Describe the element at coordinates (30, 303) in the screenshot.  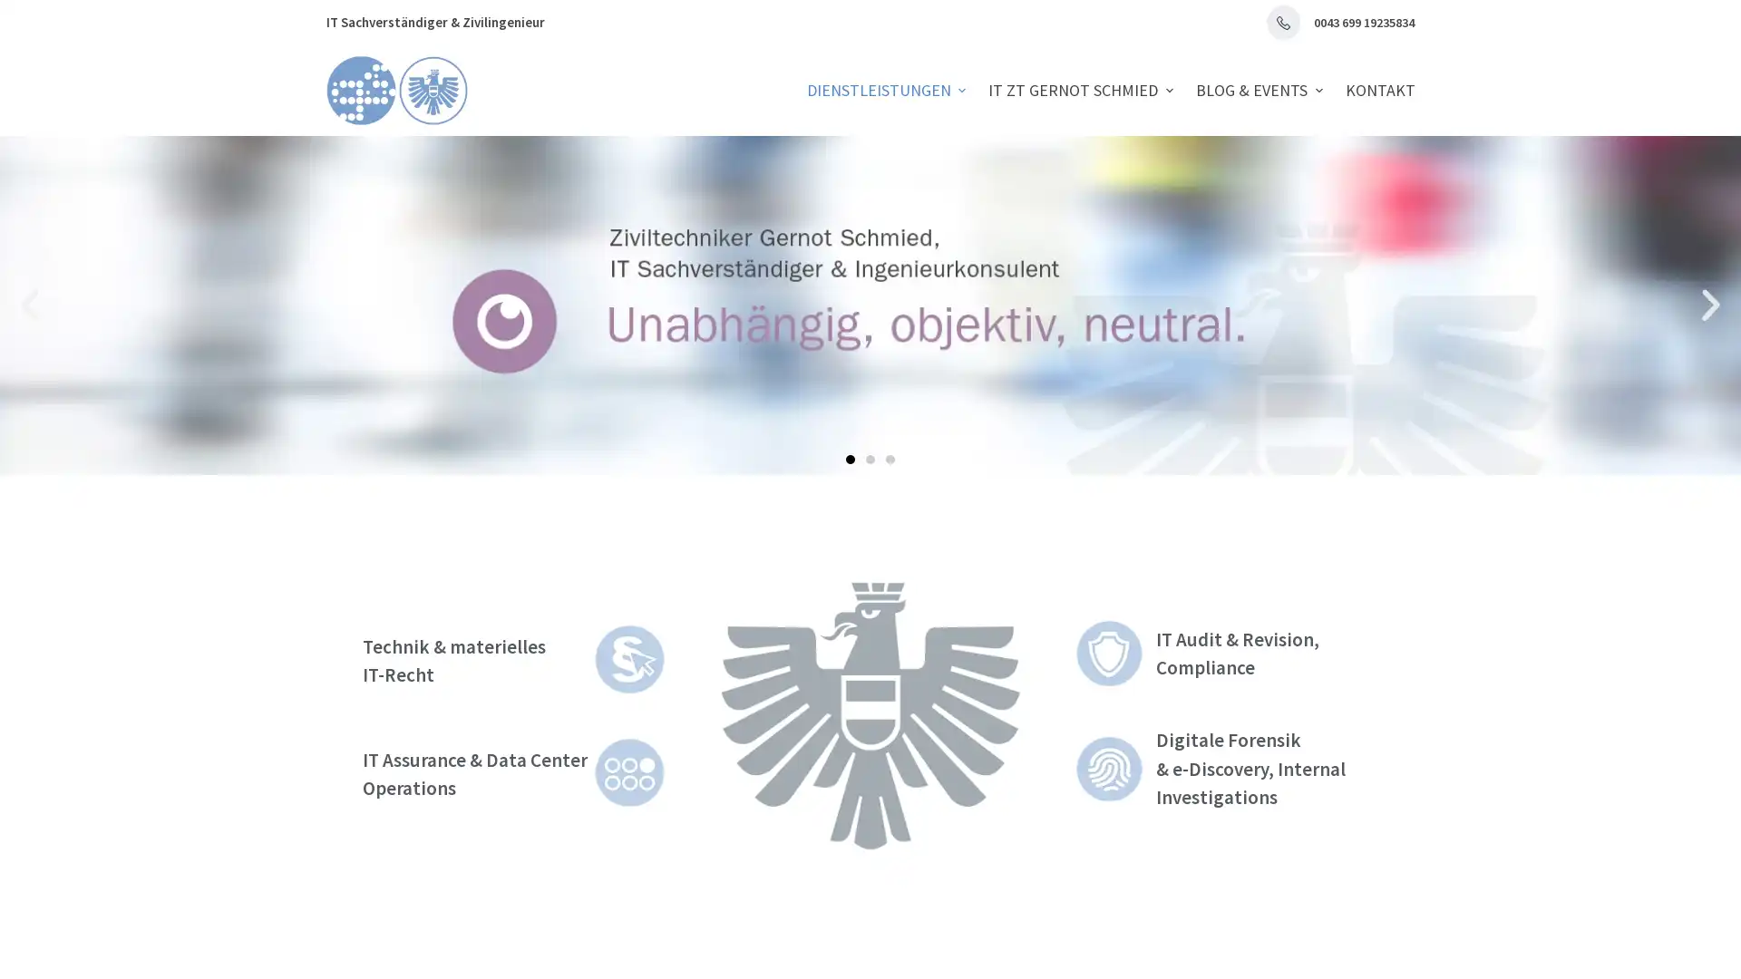
I see `Previous slide` at that location.